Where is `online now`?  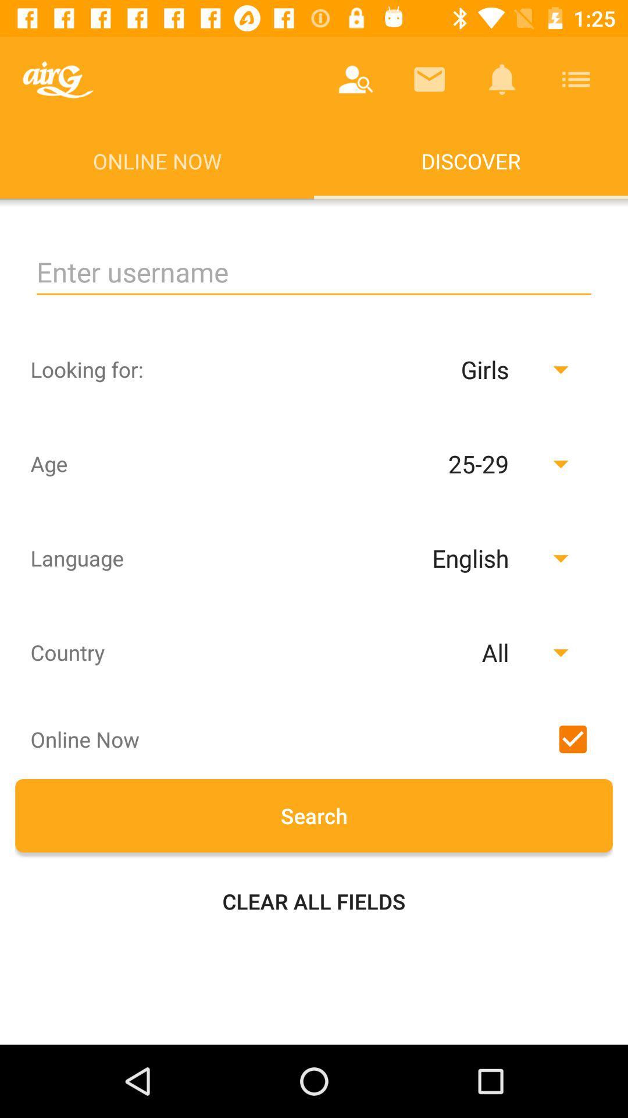
online now is located at coordinates (572, 738).